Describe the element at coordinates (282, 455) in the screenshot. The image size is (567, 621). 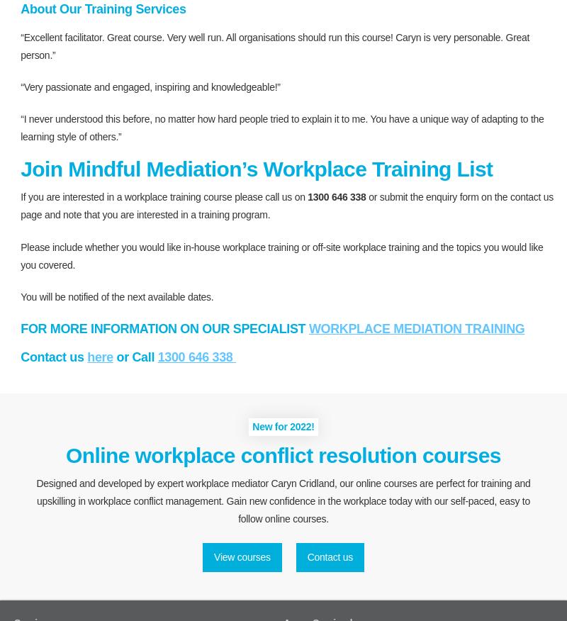
I see `'Online workplace conflict resolution courses'` at that location.